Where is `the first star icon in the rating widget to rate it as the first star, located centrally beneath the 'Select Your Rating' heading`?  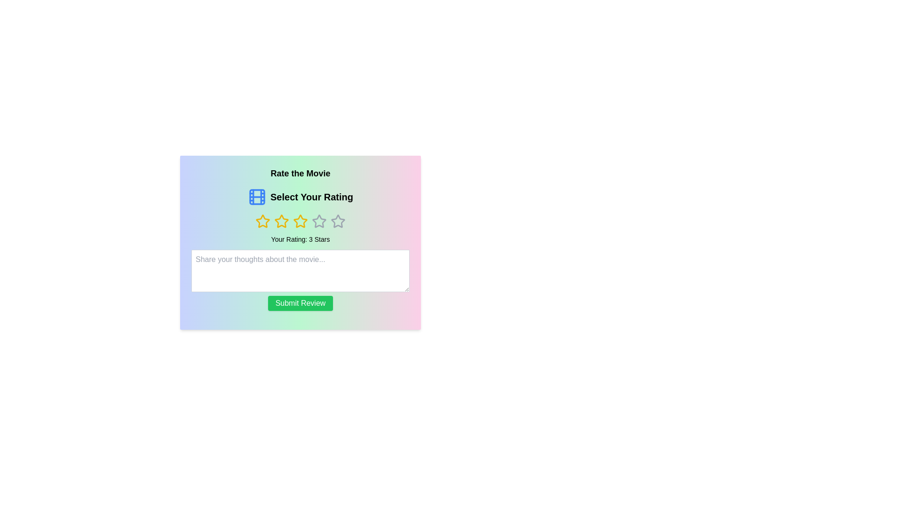
the first star icon in the rating widget to rate it as the first star, located centrally beneath the 'Select Your Rating' heading is located at coordinates (262, 221).